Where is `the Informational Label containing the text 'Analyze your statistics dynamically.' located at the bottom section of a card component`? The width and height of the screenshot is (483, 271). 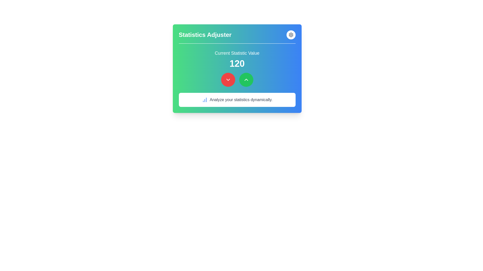
the Informational Label containing the text 'Analyze your statistics dynamically.' located at the bottom section of a card component is located at coordinates (237, 100).